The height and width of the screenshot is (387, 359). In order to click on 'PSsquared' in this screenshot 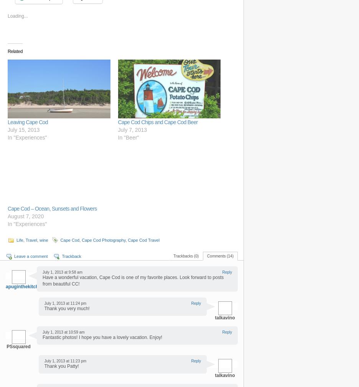, I will do `click(18, 345)`.